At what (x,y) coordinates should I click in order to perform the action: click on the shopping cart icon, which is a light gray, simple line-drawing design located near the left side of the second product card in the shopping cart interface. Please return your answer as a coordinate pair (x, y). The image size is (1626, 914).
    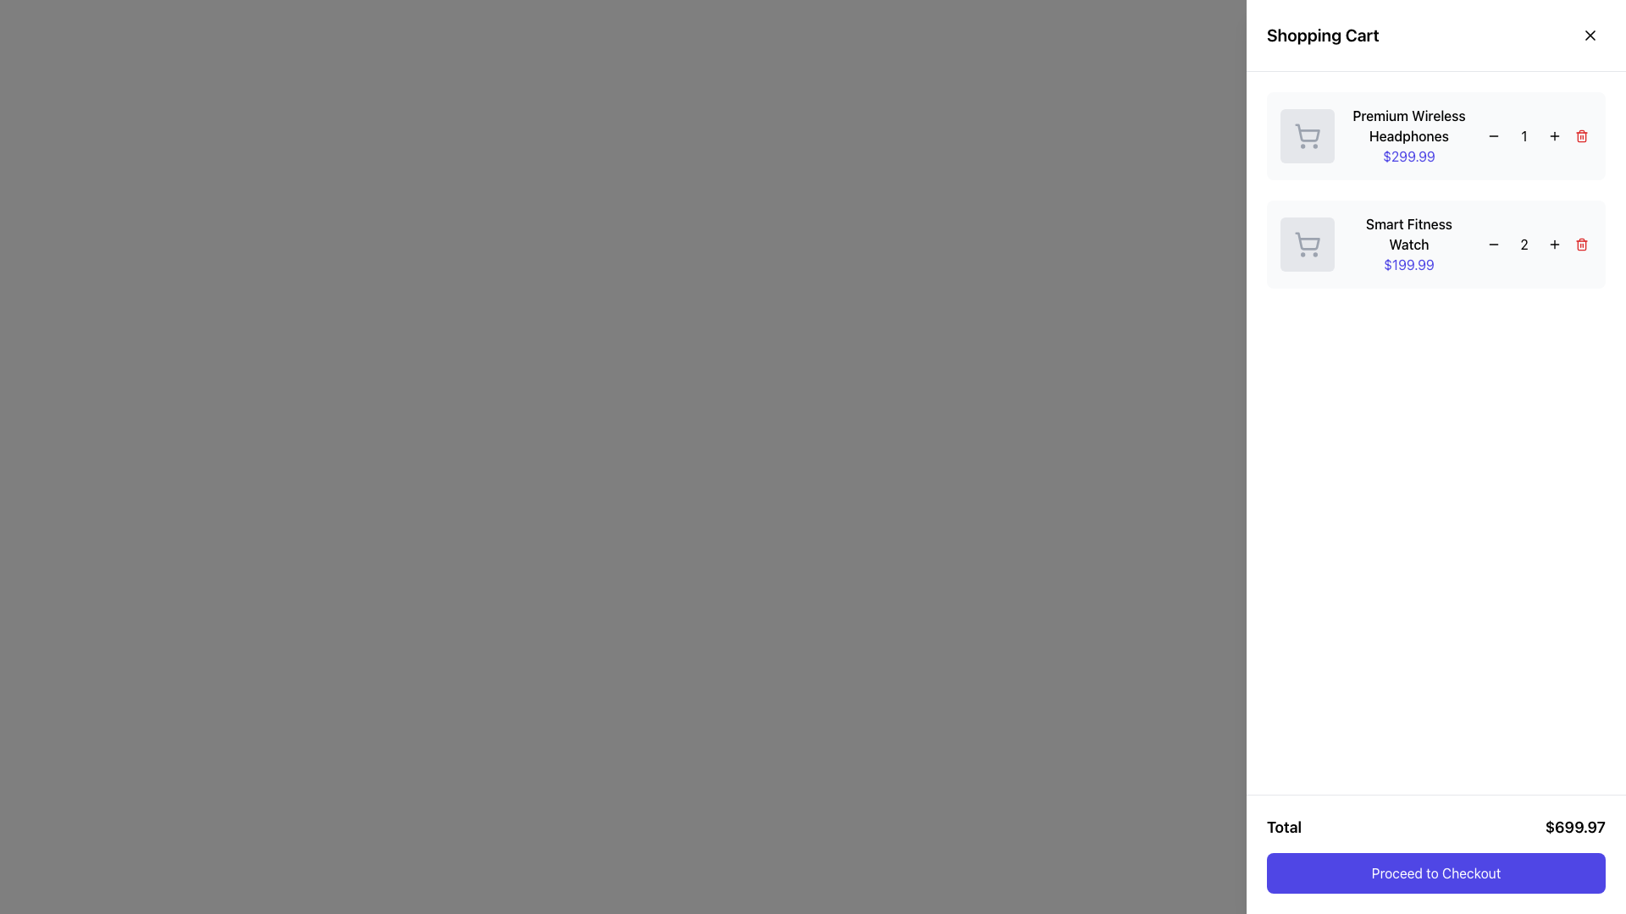
    Looking at the image, I should click on (1307, 245).